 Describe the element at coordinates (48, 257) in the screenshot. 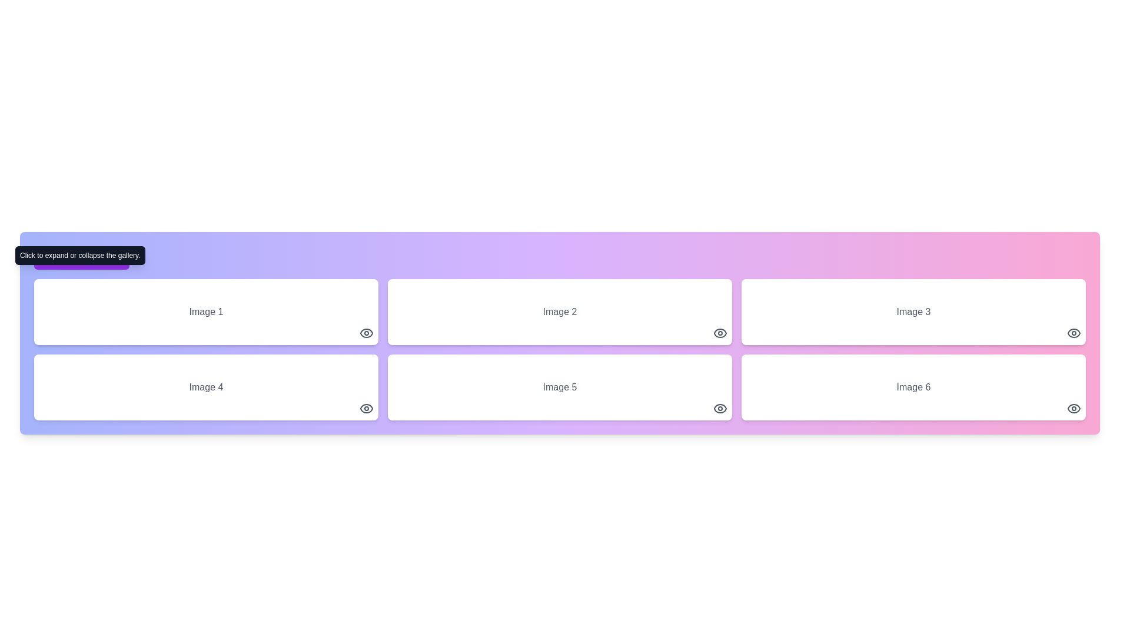

I see `the circular element within the SVG graphic, which is part of an icon near the 'Click to expand or collapse the gallery' button` at that location.